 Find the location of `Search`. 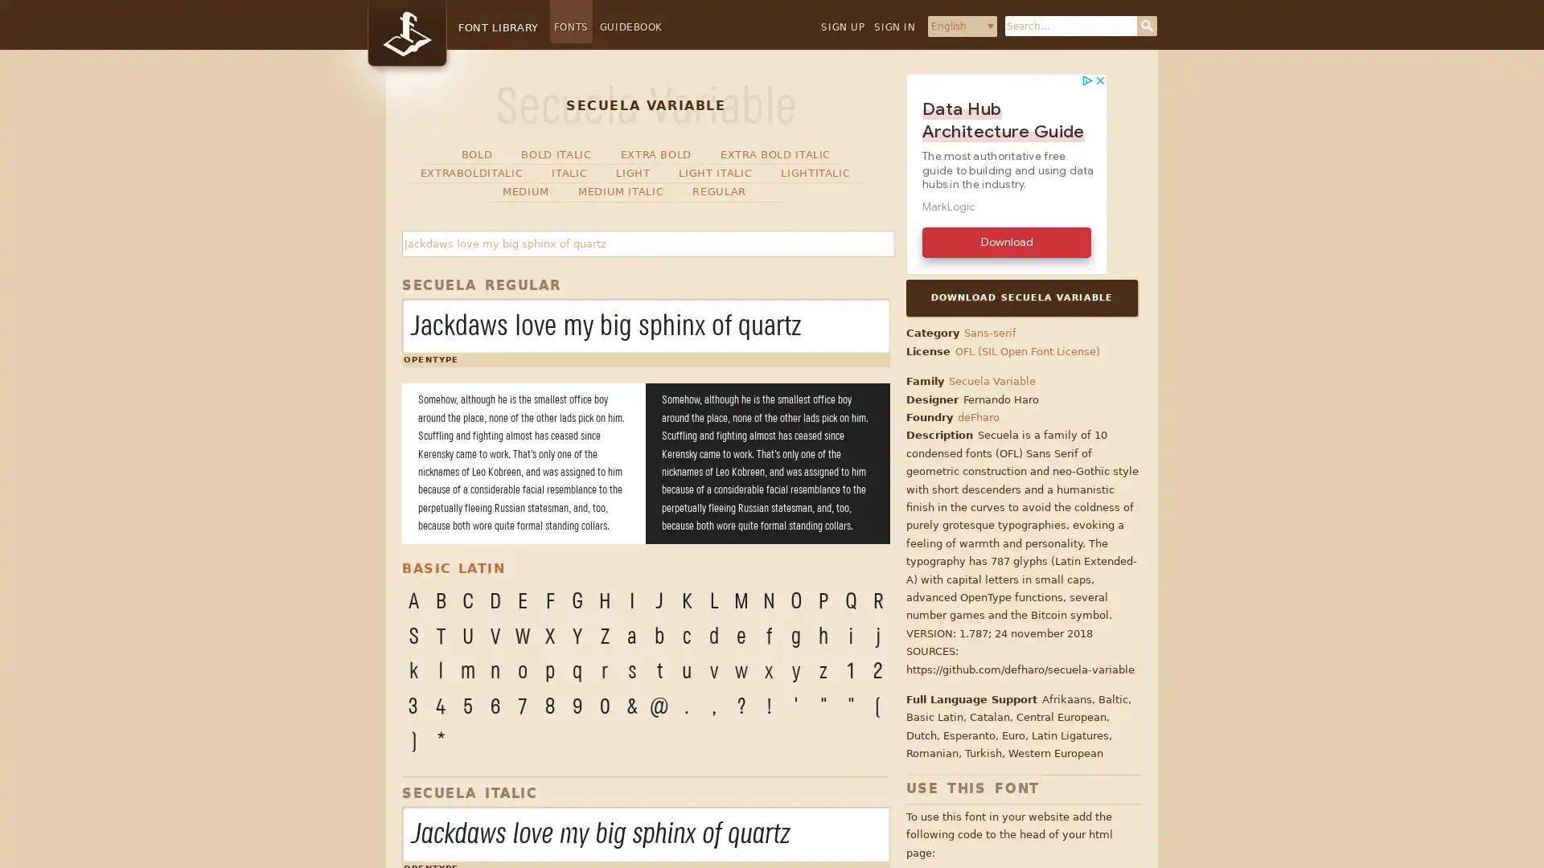

Search is located at coordinates (1146, 26).